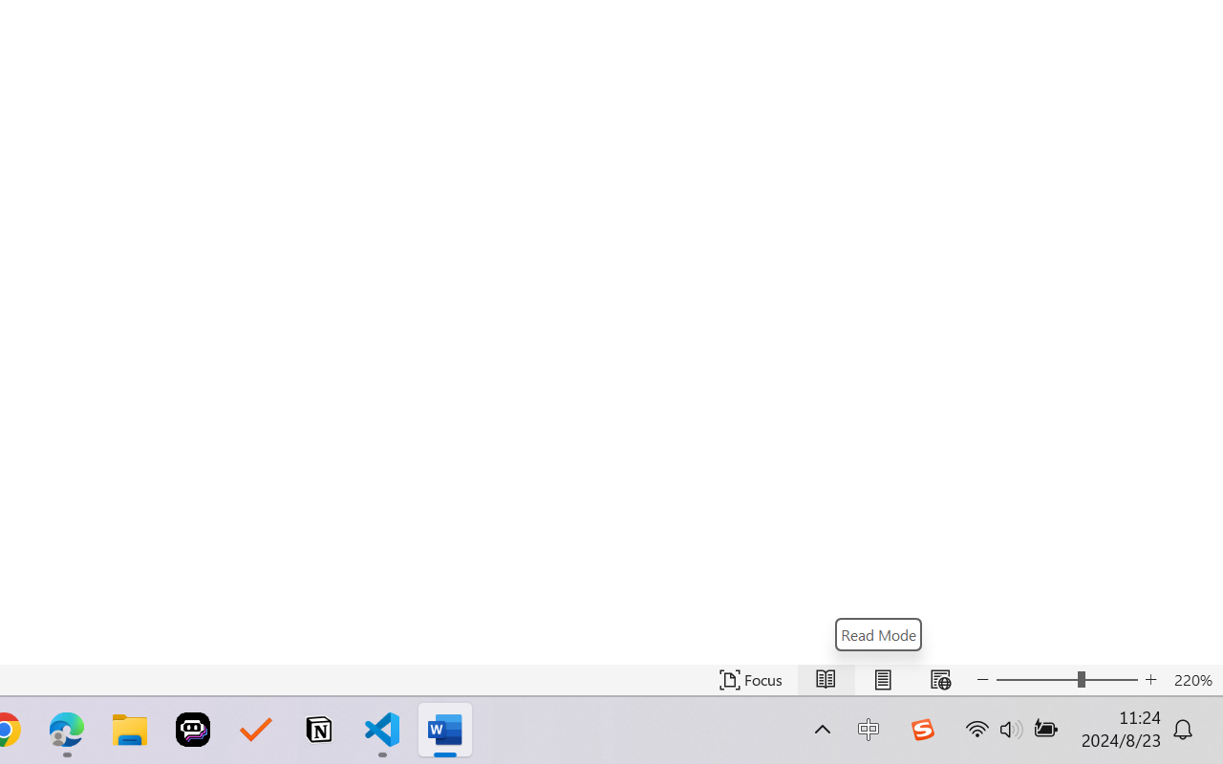 The image size is (1223, 764). I want to click on 'Text Size', so click(1065, 679).